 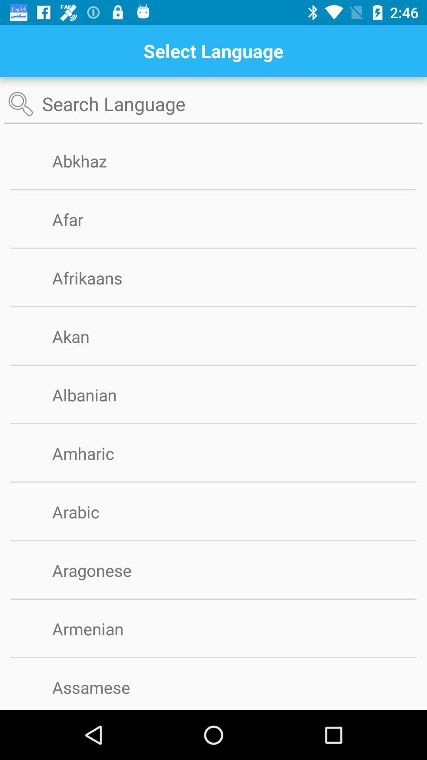 I want to click on the afar, so click(x=81, y=219).